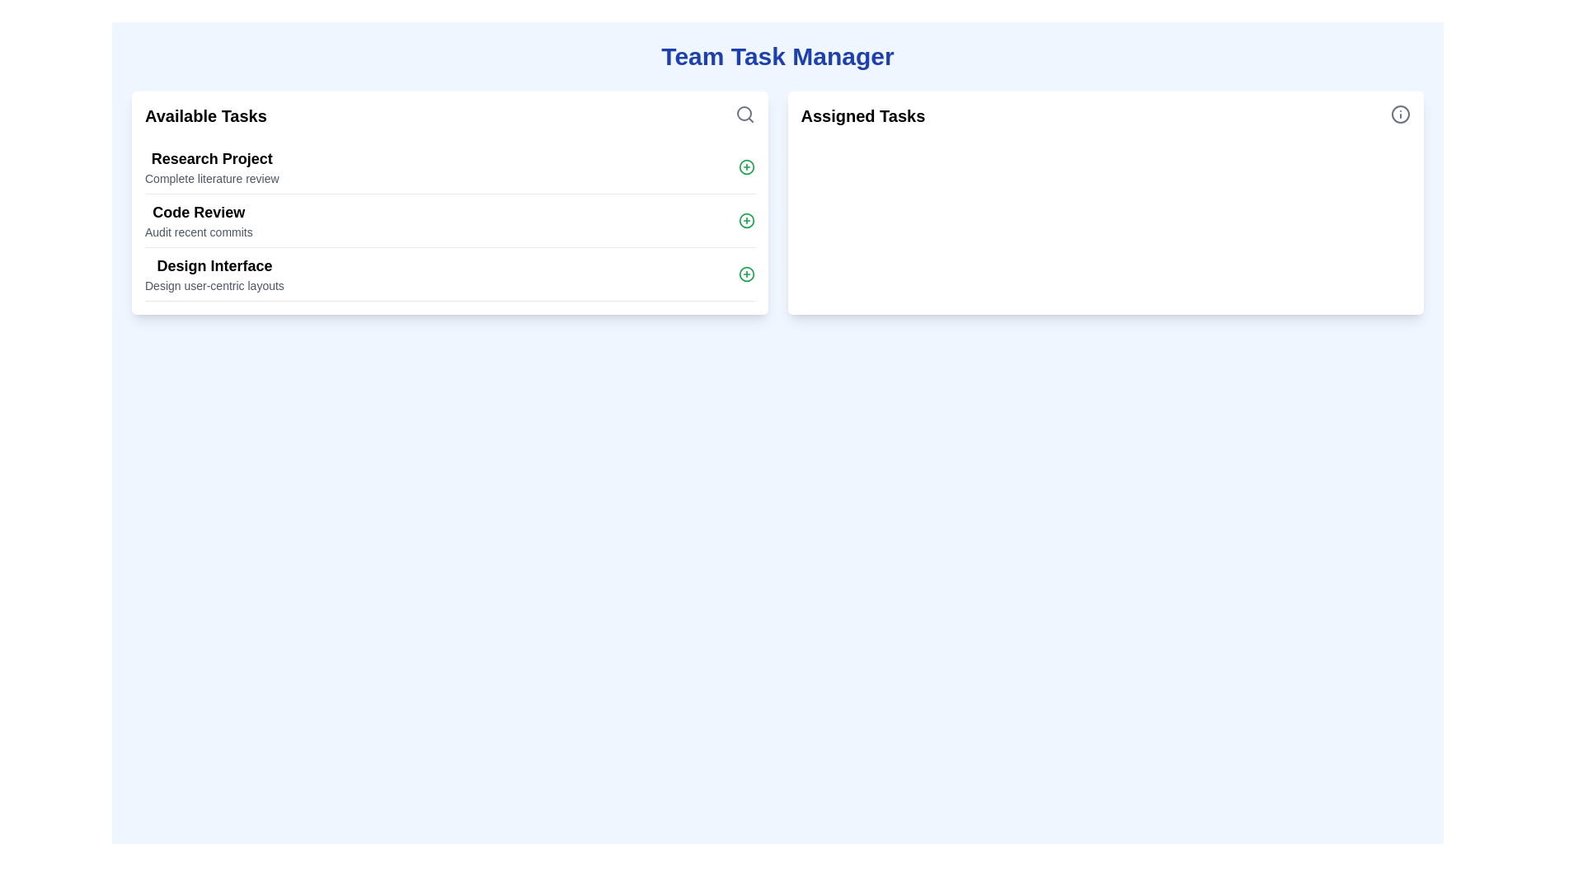  Describe the element at coordinates (745, 273) in the screenshot. I see `the green circular icon button with a '+' symbol located to the right of the 'Design Interface' text` at that location.